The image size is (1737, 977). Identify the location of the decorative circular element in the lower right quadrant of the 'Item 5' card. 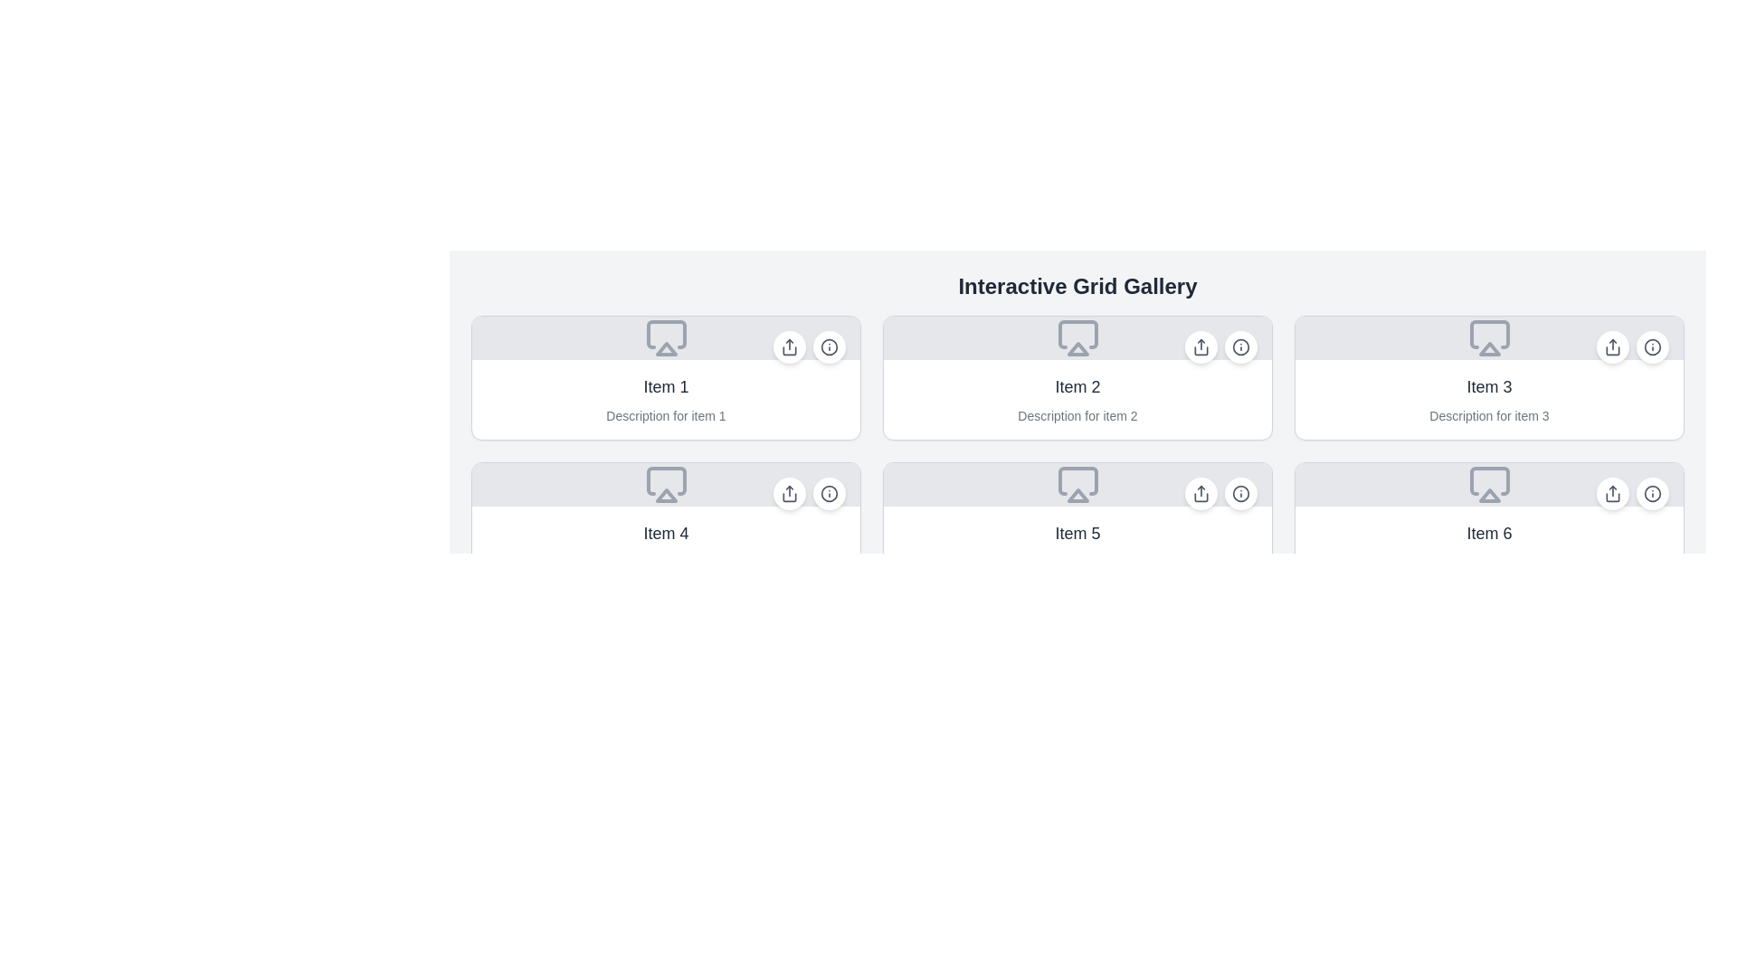
(1240, 494).